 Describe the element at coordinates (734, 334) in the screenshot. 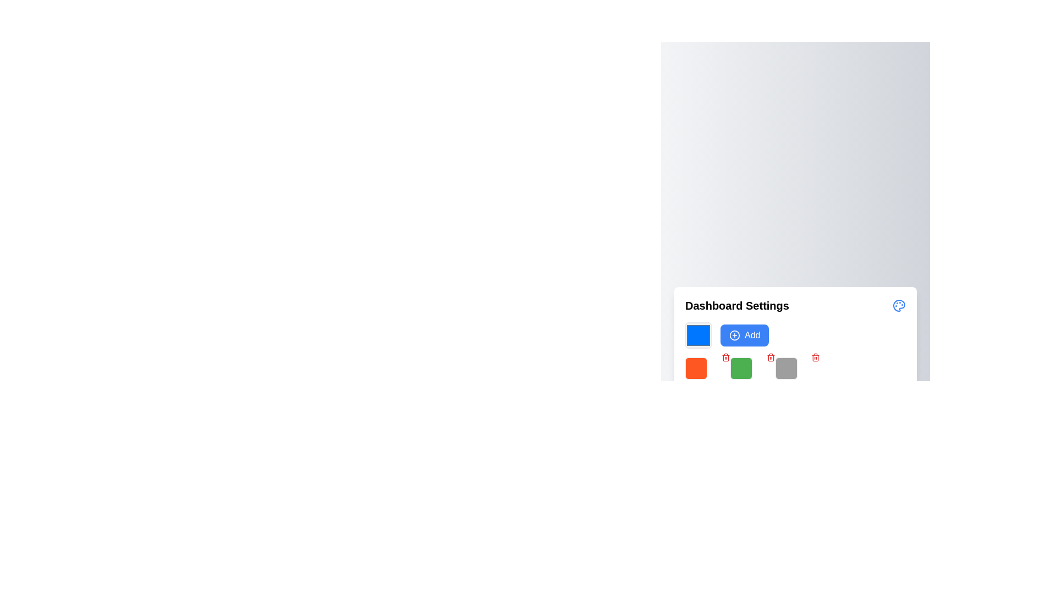

I see `the circular graphical element that represents the clickable 'Add' action on the blue 'Add' button in the Dashboard Settings panel` at that location.